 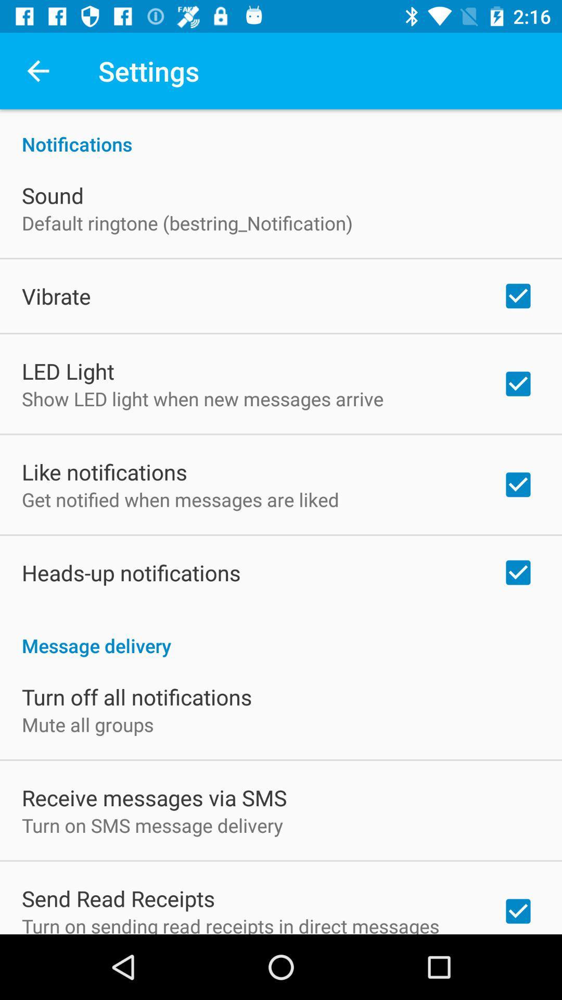 What do you see at coordinates (154, 797) in the screenshot?
I see `item below mute all groups item` at bounding box center [154, 797].